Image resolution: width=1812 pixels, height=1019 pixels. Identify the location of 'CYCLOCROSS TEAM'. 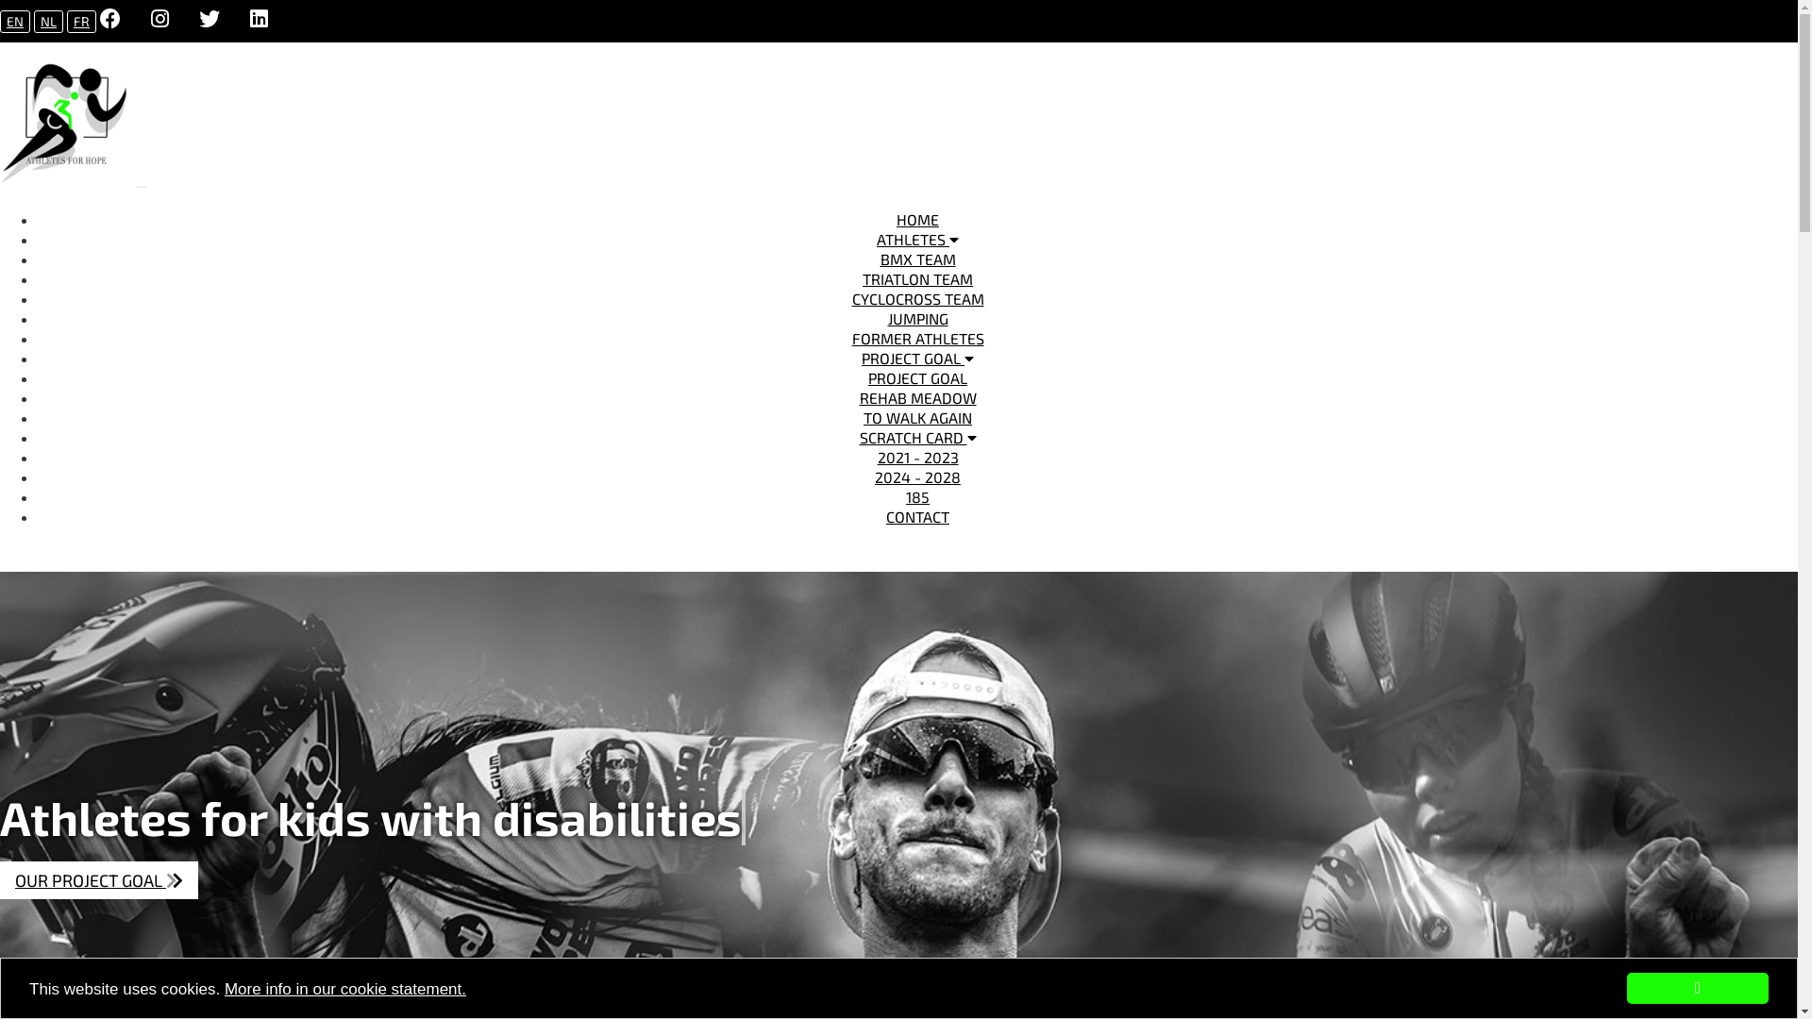
(916, 297).